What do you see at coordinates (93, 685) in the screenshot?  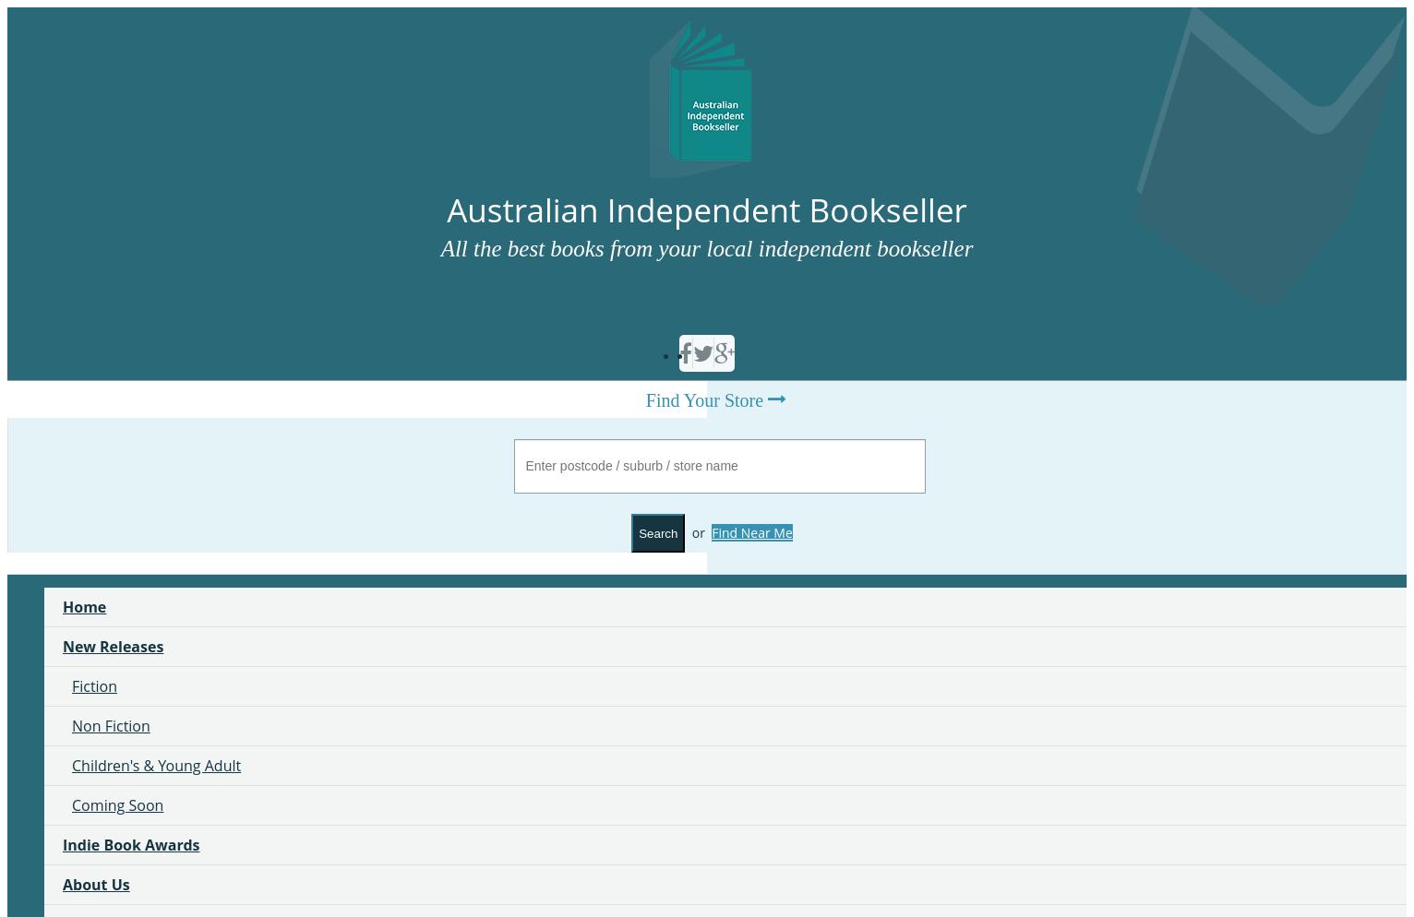 I see `'Fiction'` at bounding box center [93, 685].